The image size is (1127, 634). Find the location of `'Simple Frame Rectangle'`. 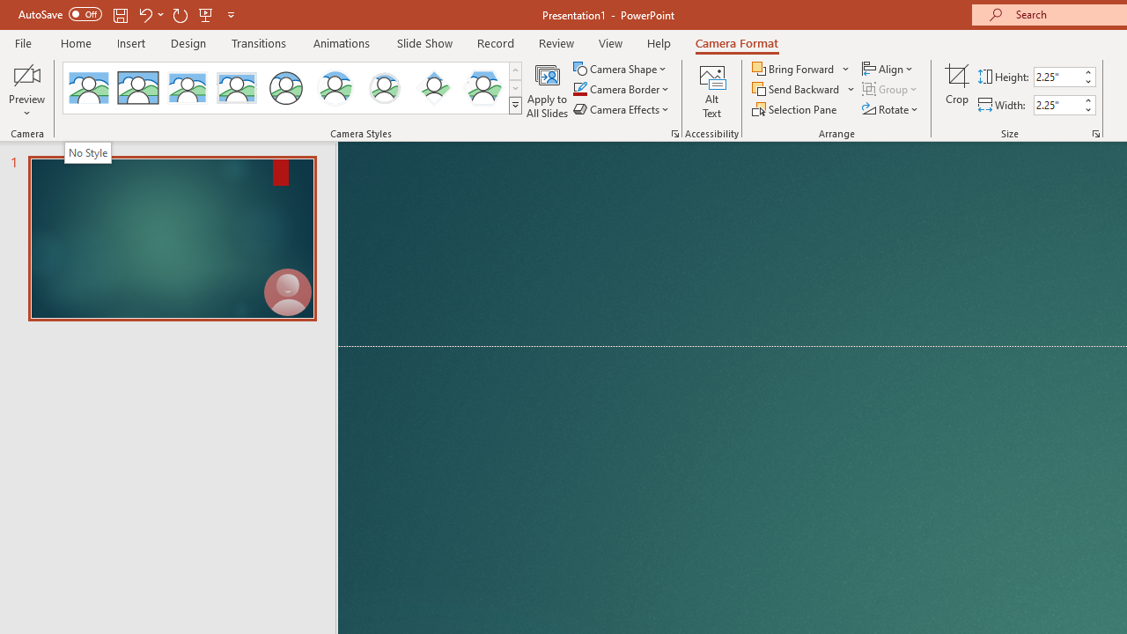

'Simple Frame Rectangle' is located at coordinates (137, 88).